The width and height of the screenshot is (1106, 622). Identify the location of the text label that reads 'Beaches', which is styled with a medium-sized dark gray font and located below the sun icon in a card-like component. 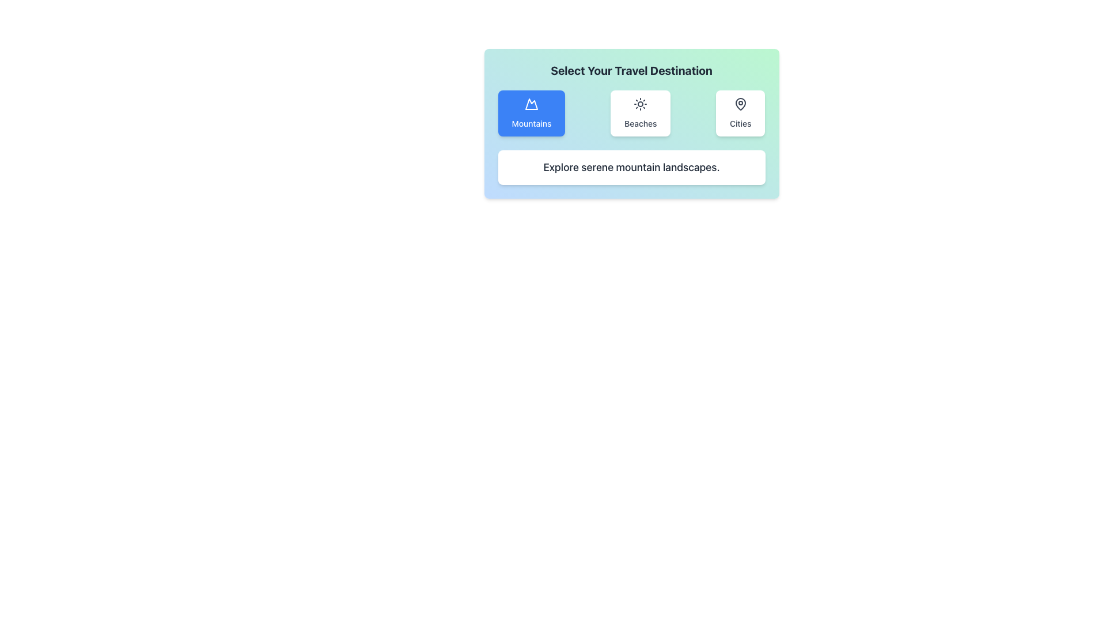
(640, 124).